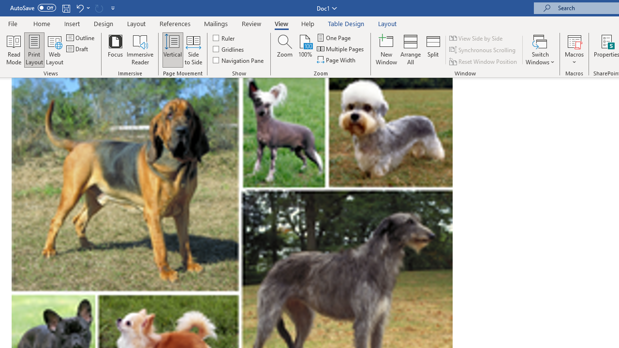 Image resolution: width=619 pixels, height=348 pixels. What do you see at coordinates (115, 50) in the screenshot?
I see `'Focus'` at bounding box center [115, 50].